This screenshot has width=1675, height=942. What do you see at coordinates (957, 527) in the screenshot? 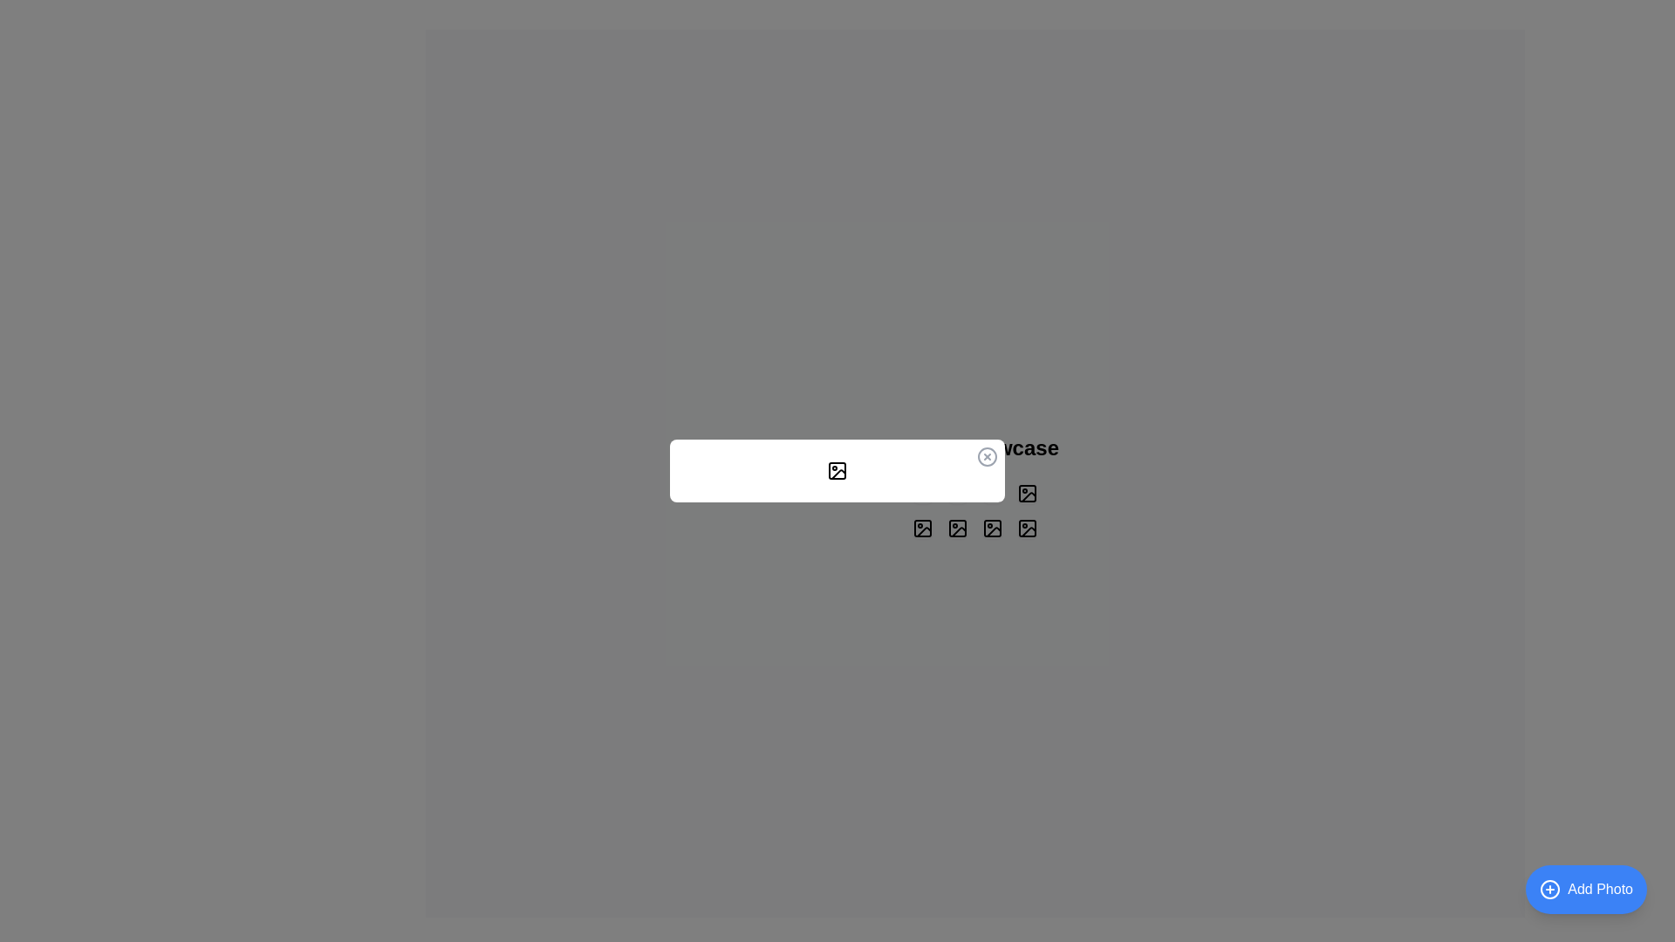
I see `the circular zoom-in button located in the top-right corner of the interface to zoom in on a specific area of content` at bounding box center [957, 527].